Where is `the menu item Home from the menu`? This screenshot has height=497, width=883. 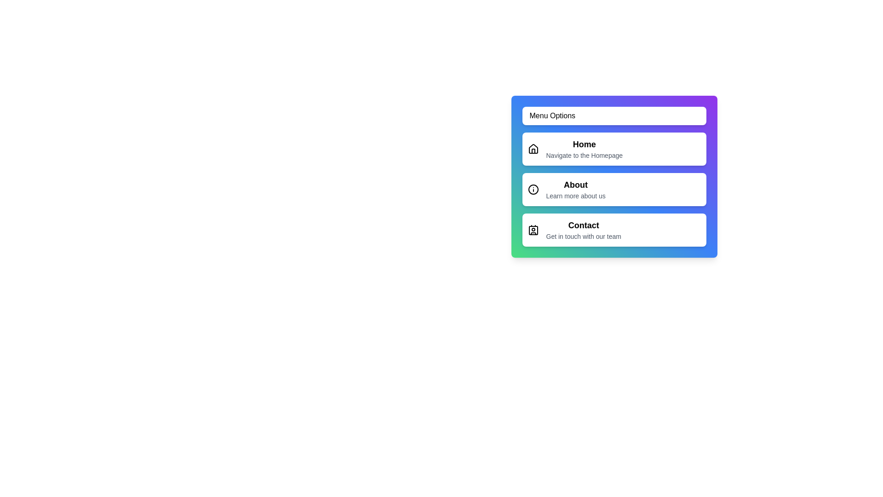
the menu item Home from the menu is located at coordinates (614, 149).